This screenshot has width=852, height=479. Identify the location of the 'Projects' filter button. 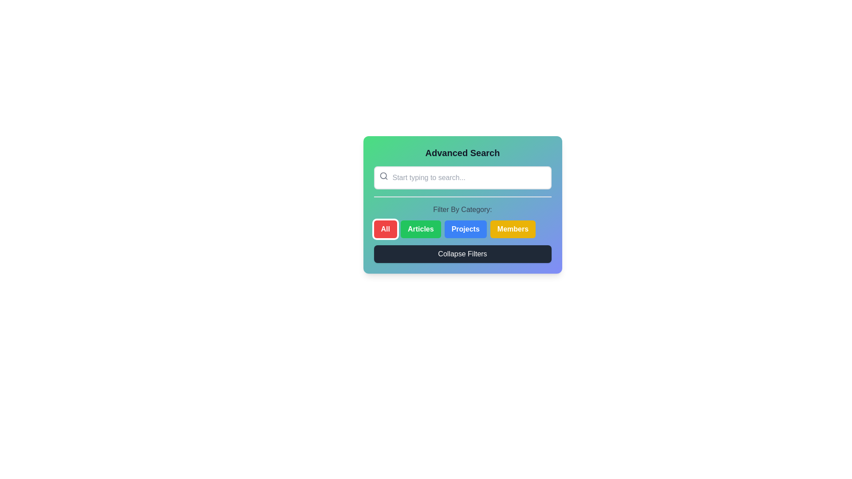
(465, 228).